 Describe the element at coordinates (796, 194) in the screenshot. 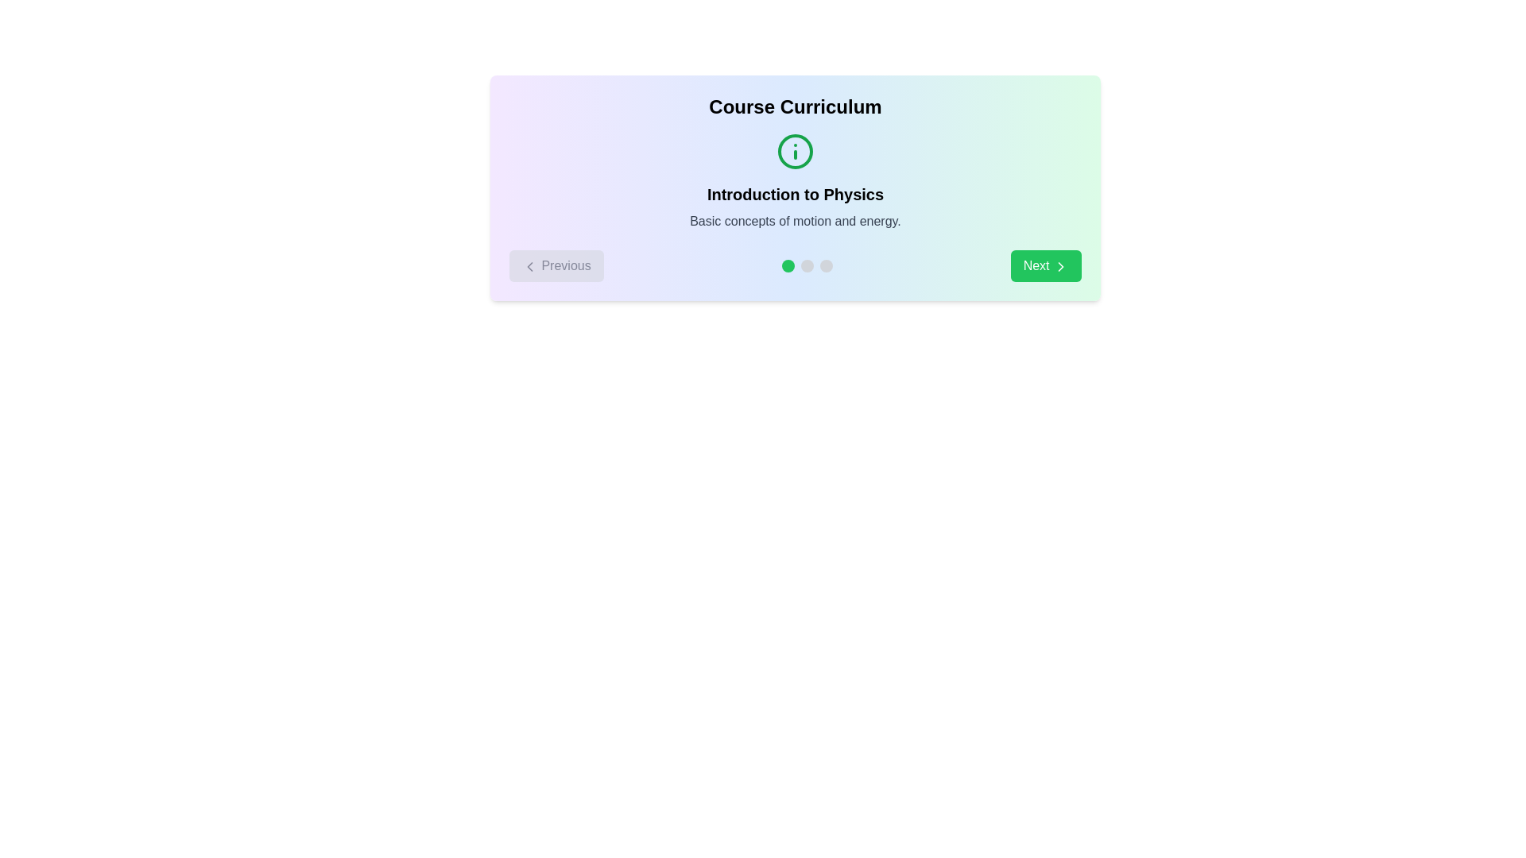

I see `the text label serving as the title for the section within the course curriculum overview` at that location.